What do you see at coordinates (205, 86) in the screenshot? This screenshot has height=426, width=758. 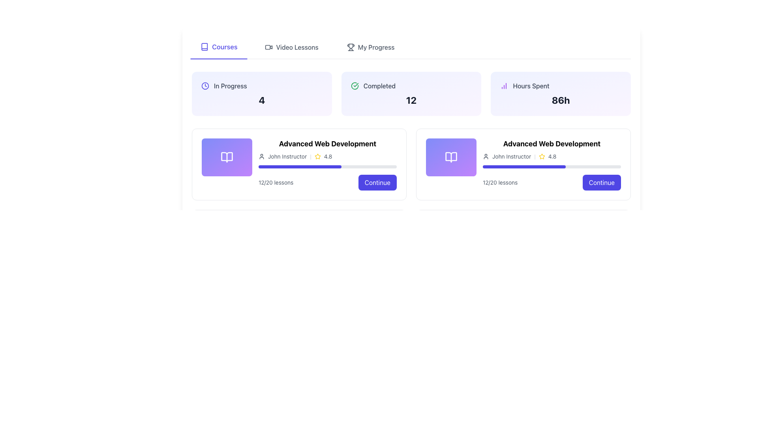 I see `the status icon indicating 'In Progress', which is located to the left of the text label 'In Progress'` at bounding box center [205, 86].